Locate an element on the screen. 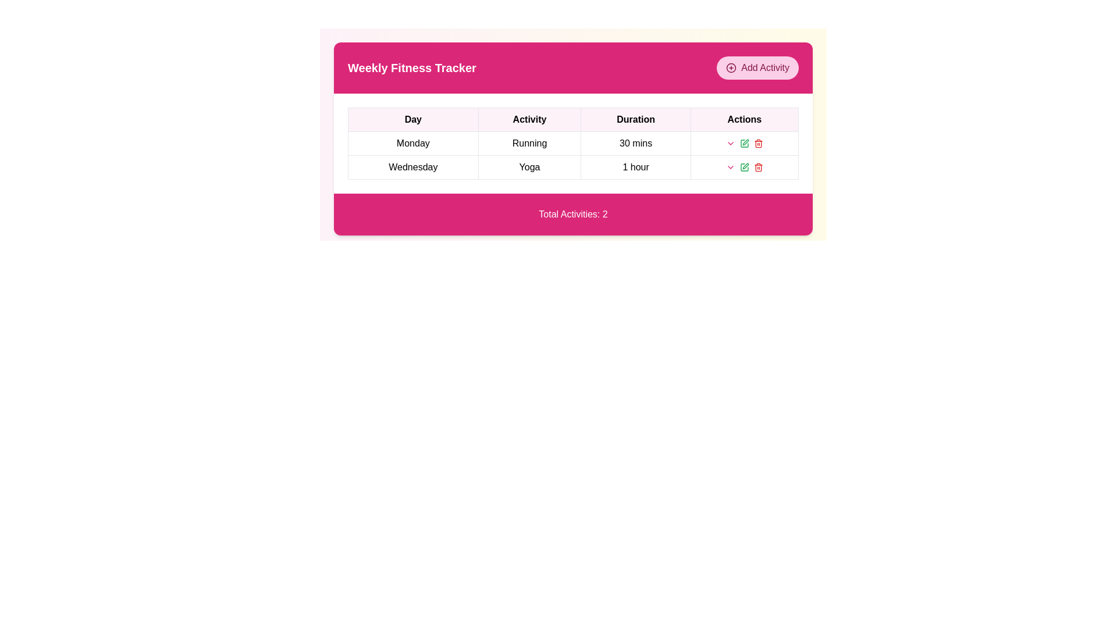 Image resolution: width=1117 pixels, height=628 pixels. the first row of the fitness activity data table displaying 'Running' for Monday with a duration of '30 mins' is located at coordinates (573, 155).